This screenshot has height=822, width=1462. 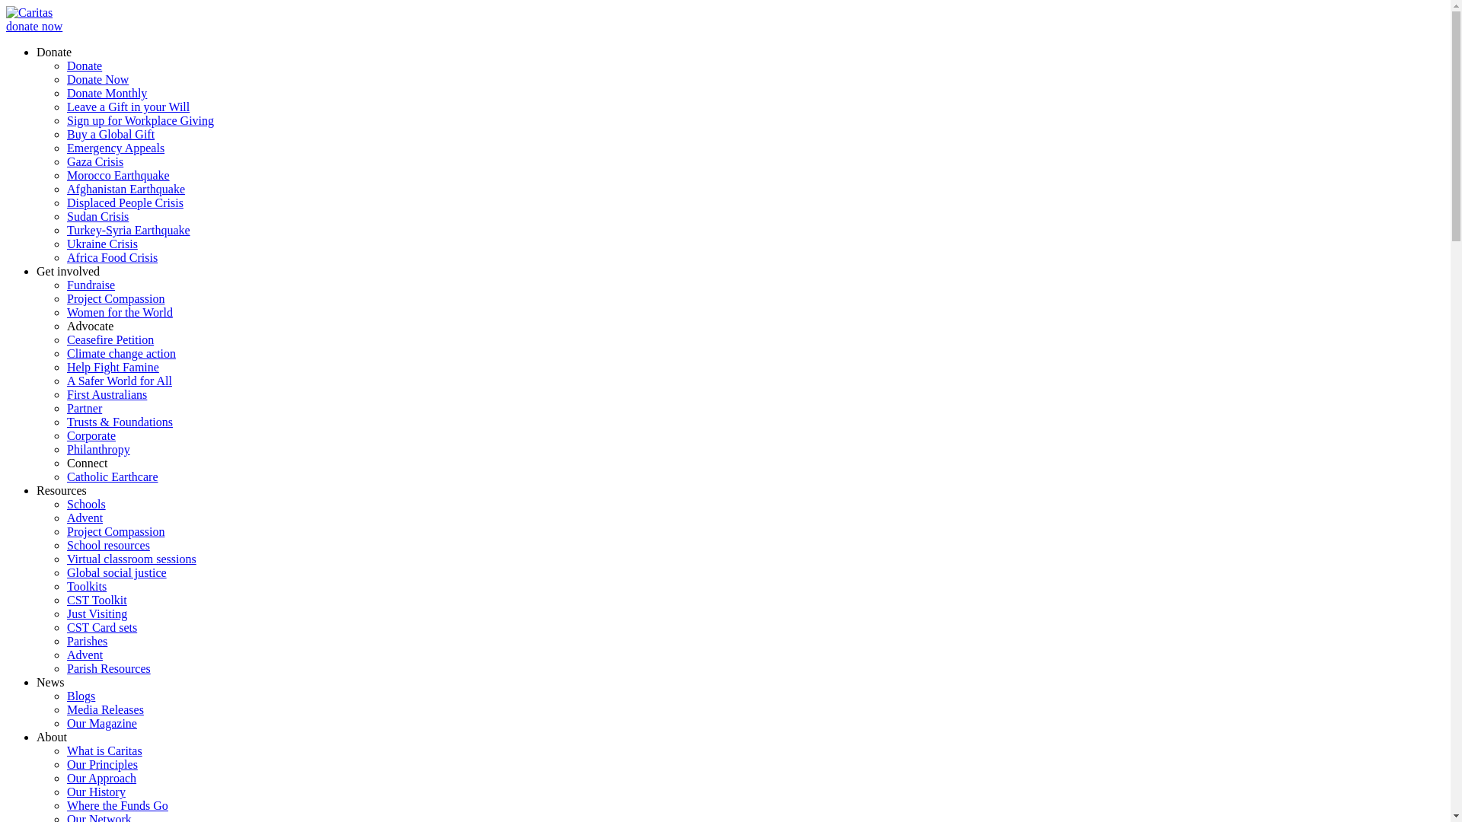 What do you see at coordinates (112, 367) in the screenshot?
I see `'Help Fight Famine'` at bounding box center [112, 367].